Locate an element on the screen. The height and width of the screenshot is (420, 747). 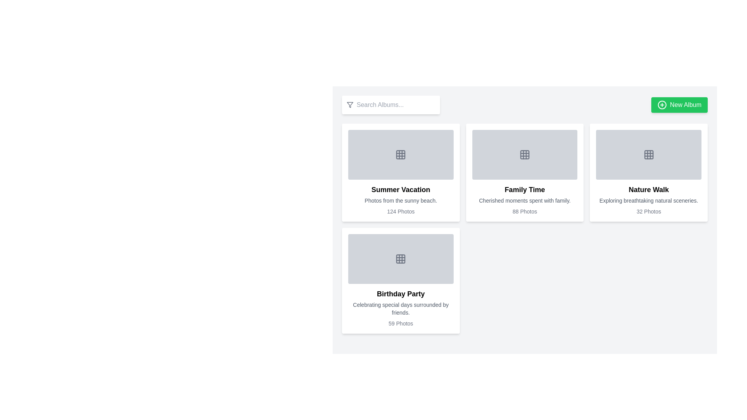
the circular add icon located immediately to the left of the 'New Album' button is located at coordinates (662, 105).